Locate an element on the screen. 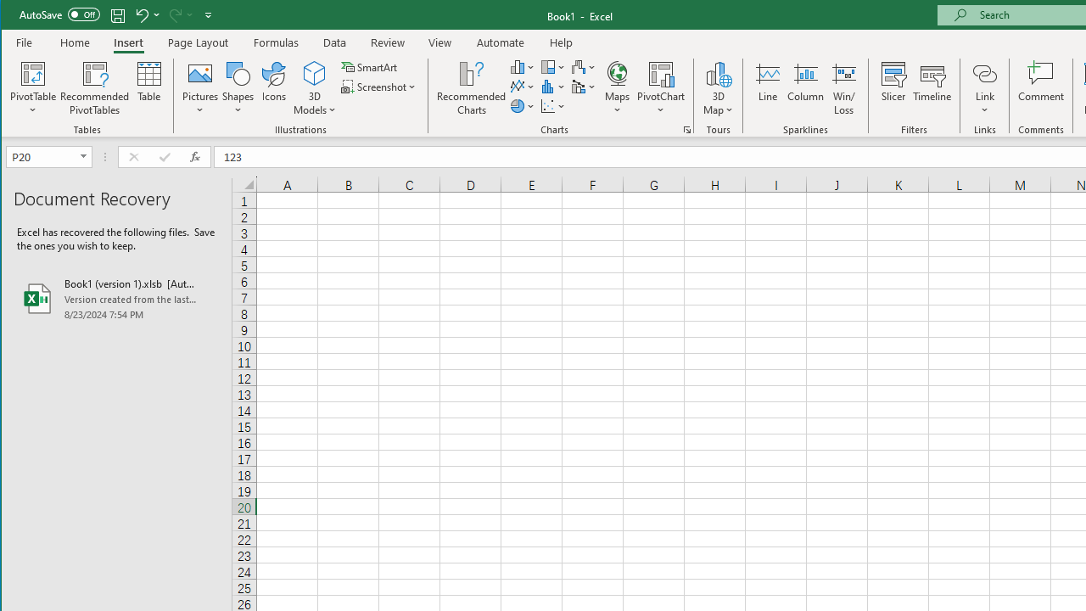 The width and height of the screenshot is (1086, 611). 'Review' is located at coordinates (386, 42).